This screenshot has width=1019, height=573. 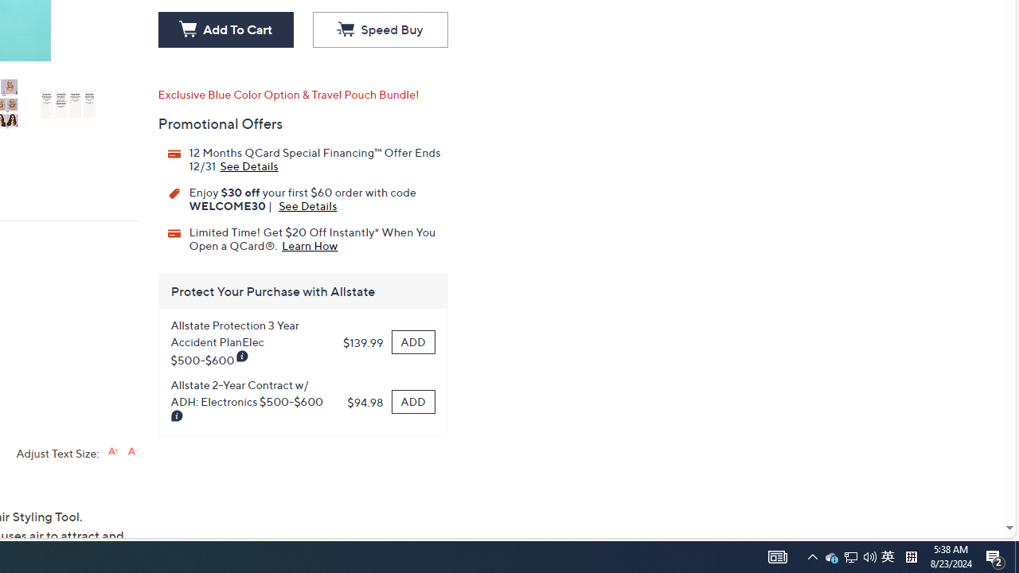 What do you see at coordinates (112, 451) in the screenshot?
I see `'Increase font size'` at bounding box center [112, 451].